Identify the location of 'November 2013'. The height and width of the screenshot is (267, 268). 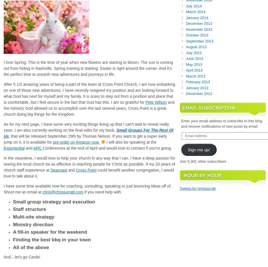
(199, 29).